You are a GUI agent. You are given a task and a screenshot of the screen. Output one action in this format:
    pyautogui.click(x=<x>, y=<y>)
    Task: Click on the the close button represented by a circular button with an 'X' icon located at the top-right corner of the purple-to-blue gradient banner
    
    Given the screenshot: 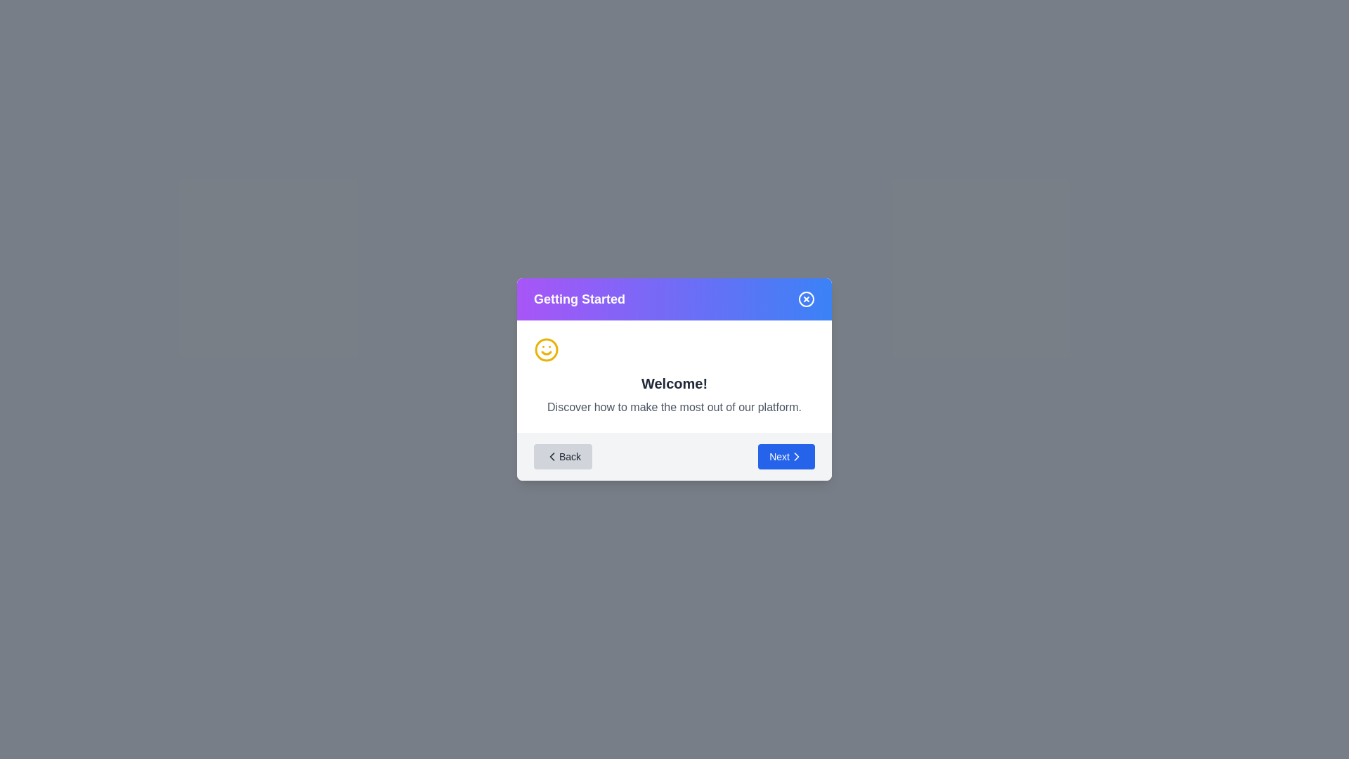 What is the action you would take?
    pyautogui.click(x=806, y=298)
    